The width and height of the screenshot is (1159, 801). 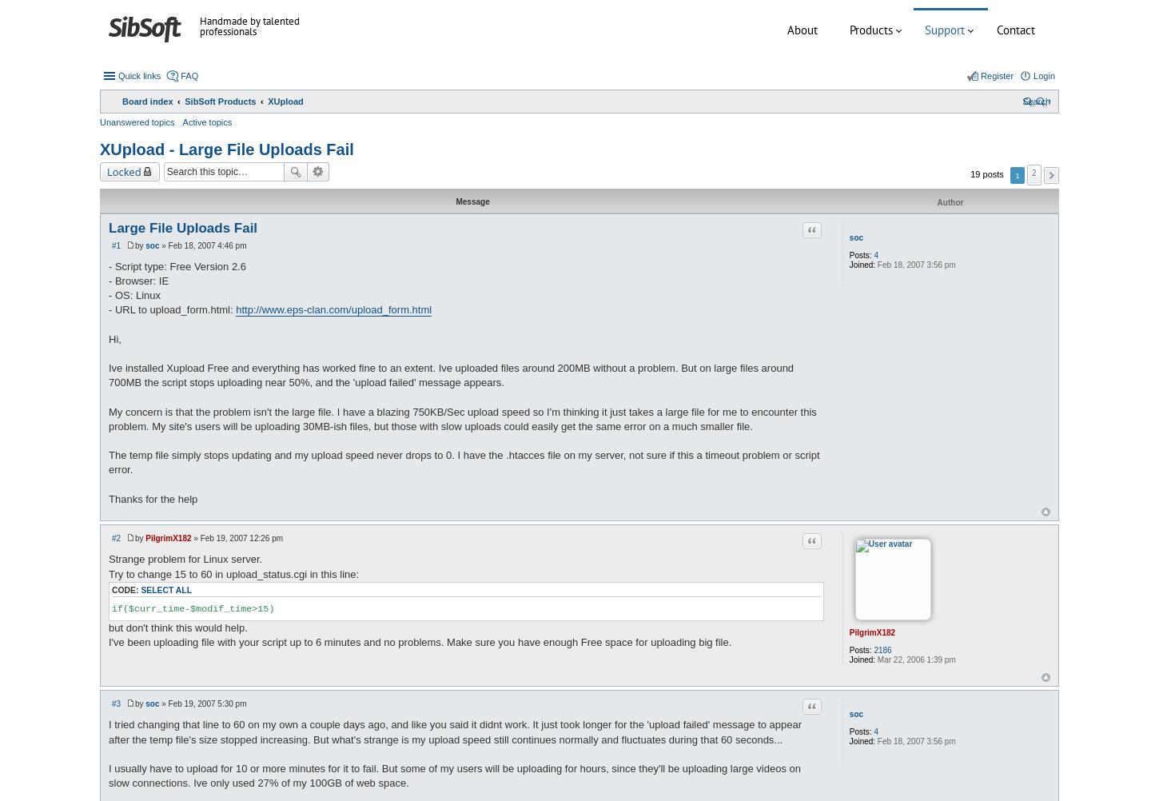 What do you see at coordinates (171, 309) in the screenshot?
I see `'- URL to upload_form.html:'` at bounding box center [171, 309].